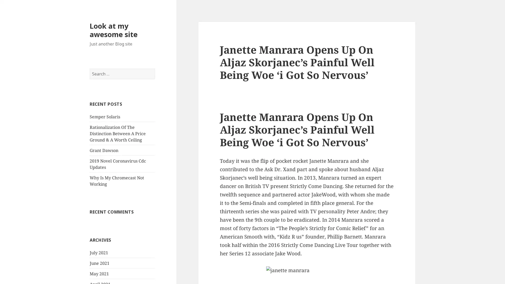 This screenshot has height=284, width=505. Describe the element at coordinates (154, 68) in the screenshot. I see `Search` at that location.